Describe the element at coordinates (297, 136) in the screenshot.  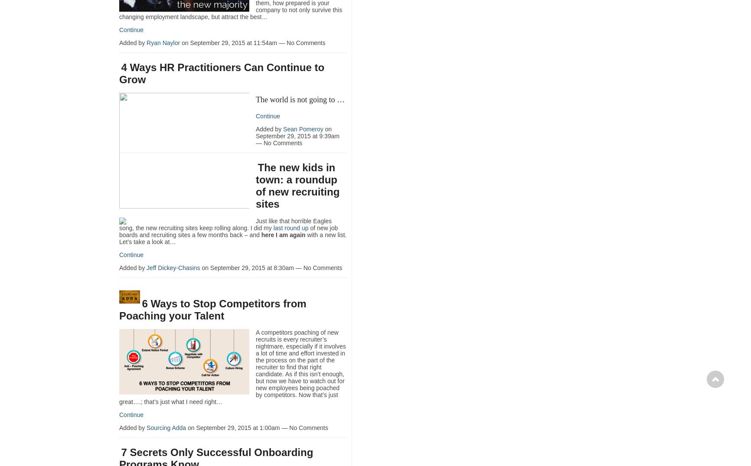
I see `'on September 29, 2015 at 9:39am                            —
                                                            No Comments'` at that location.